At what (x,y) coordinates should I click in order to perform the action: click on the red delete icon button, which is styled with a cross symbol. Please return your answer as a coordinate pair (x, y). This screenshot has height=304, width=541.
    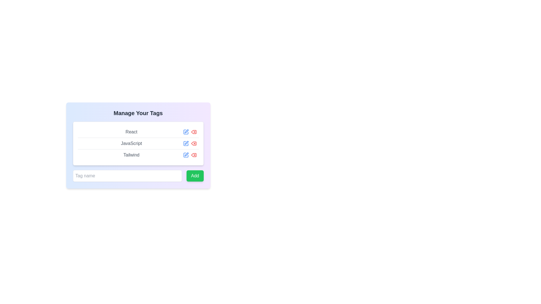
    Looking at the image, I should click on (194, 132).